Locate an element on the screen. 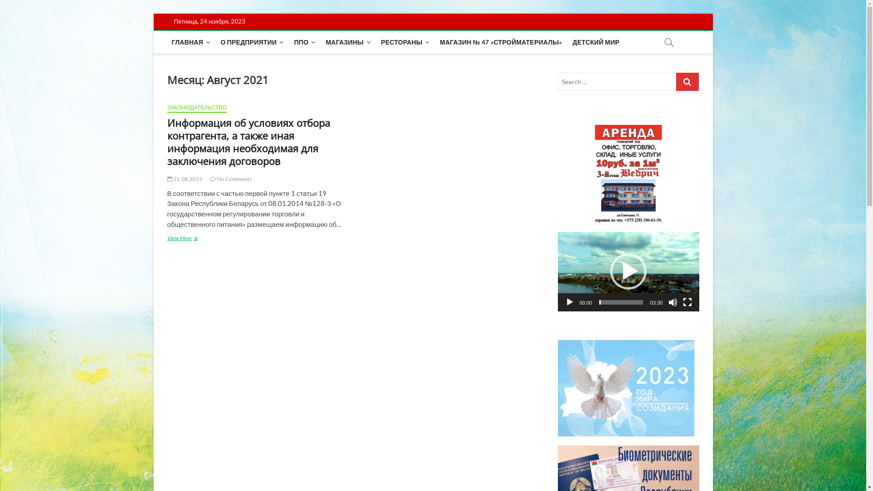 The width and height of the screenshot is (873, 491). 'Skip to content' is located at coordinates (153, 13).